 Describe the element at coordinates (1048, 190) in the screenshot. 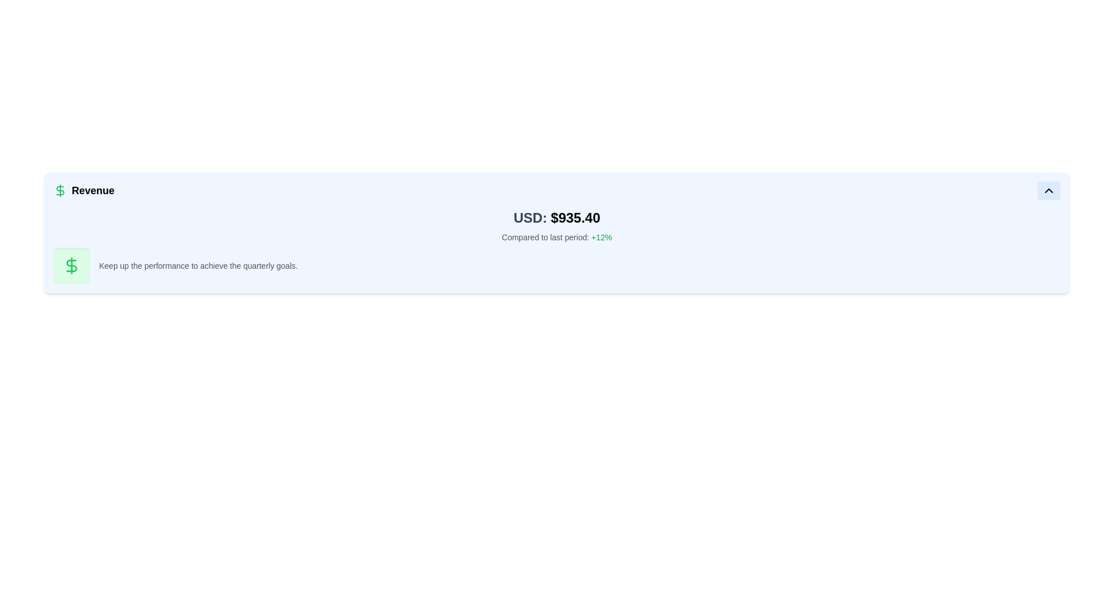

I see `the upward chevron icon located on the right-hand side of the interface` at that location.